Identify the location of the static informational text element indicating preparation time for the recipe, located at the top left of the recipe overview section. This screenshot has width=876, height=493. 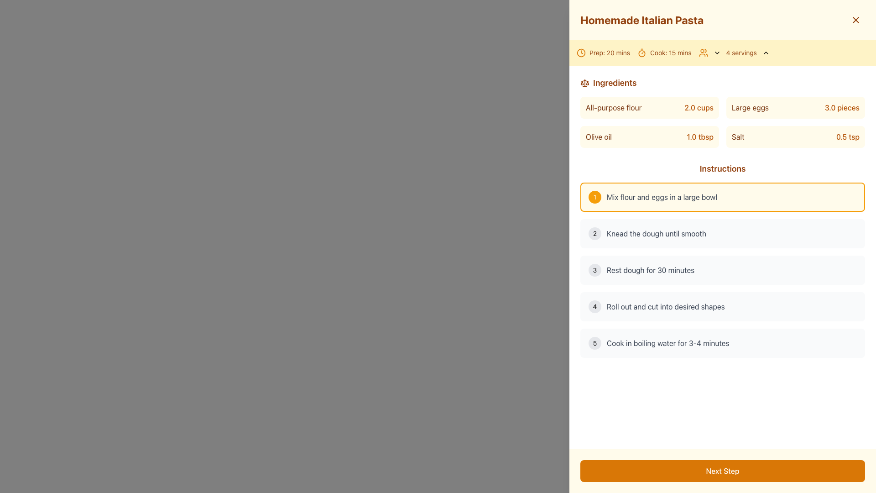
(603, 52).